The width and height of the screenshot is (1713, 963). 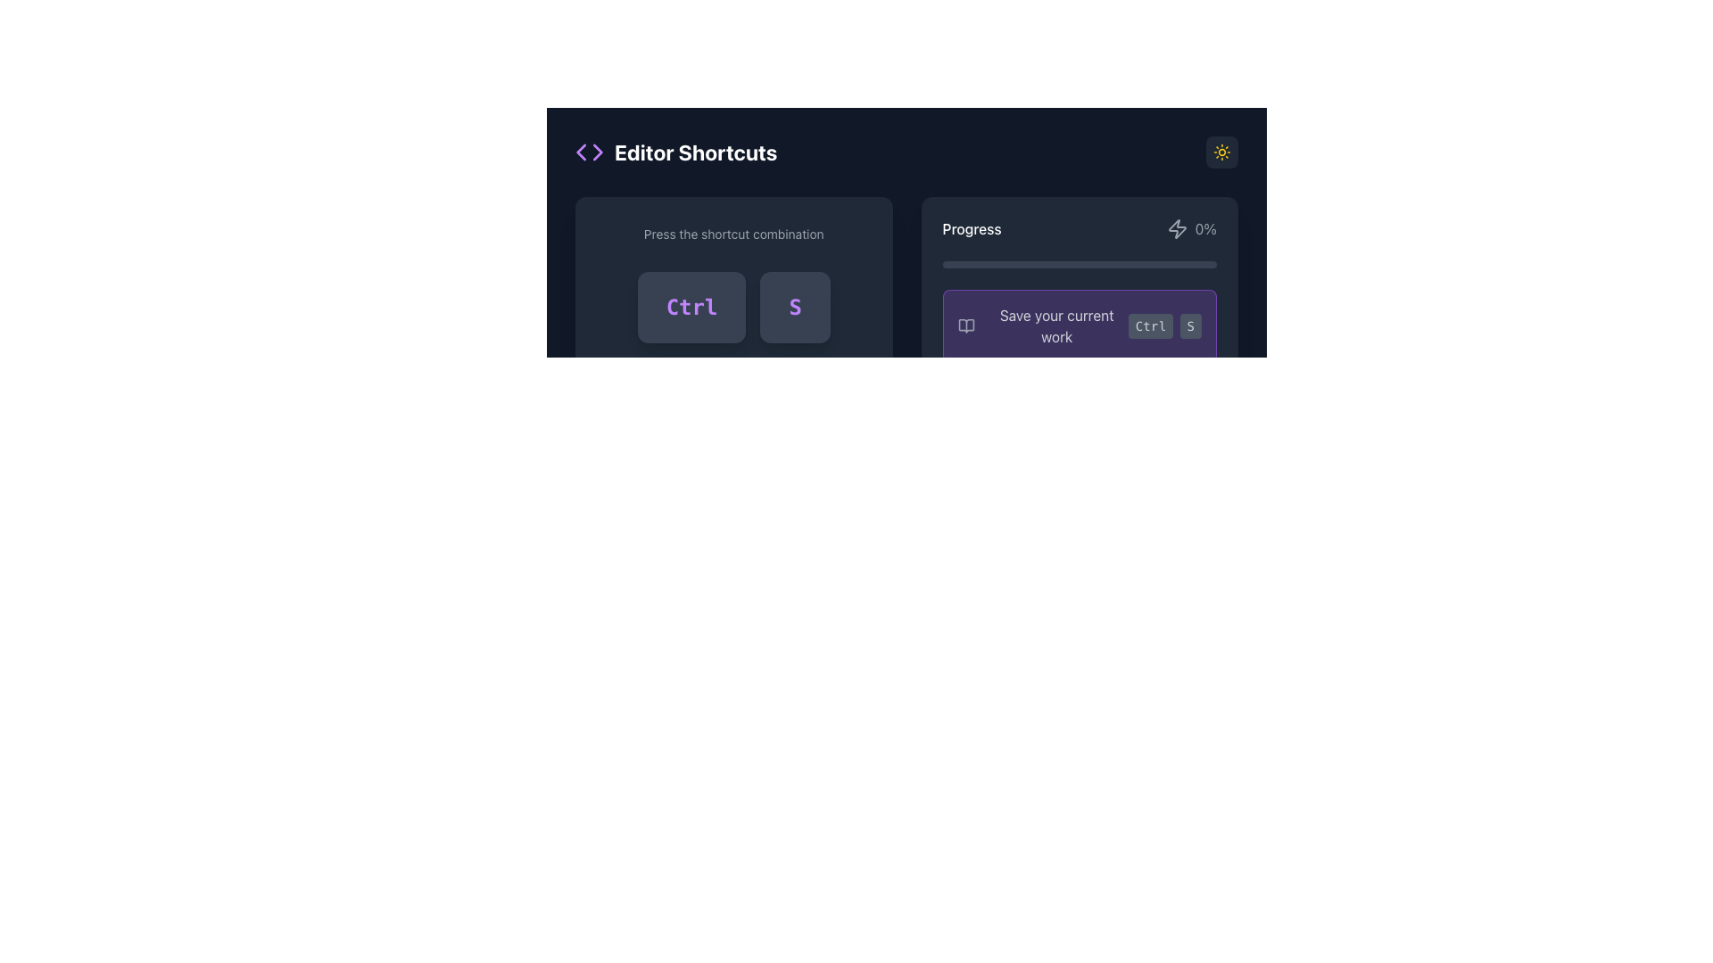 What do you see at coordinates (733, 233) in the screenshot?
I see `text of the instructional heading labeled 'Press the shortcut combination', which is styled with a small font size and grayish color, located above the 'Ctrl' and 'S' buttons` at bounding box center [733, 233].